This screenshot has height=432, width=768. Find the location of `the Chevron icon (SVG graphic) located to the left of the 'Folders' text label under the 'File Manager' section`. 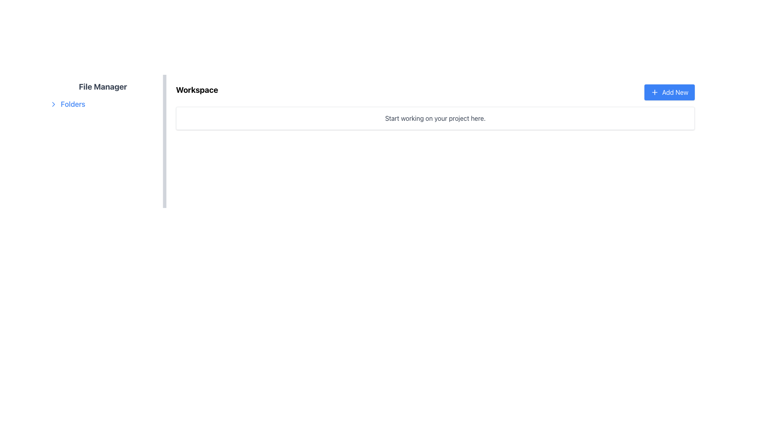

the Chevron icon (SVG graphic) located to the left of the 'Folders' text label under the 'File Manager' section is located at coordinates (53, 104).